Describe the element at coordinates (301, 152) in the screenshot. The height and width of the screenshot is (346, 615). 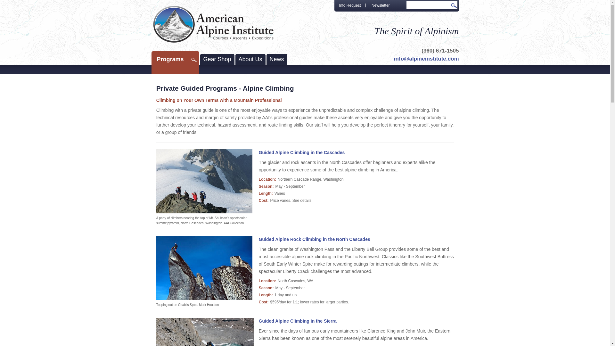
I see `'Guided Alpine Climbing in the Cascades'` at that location.